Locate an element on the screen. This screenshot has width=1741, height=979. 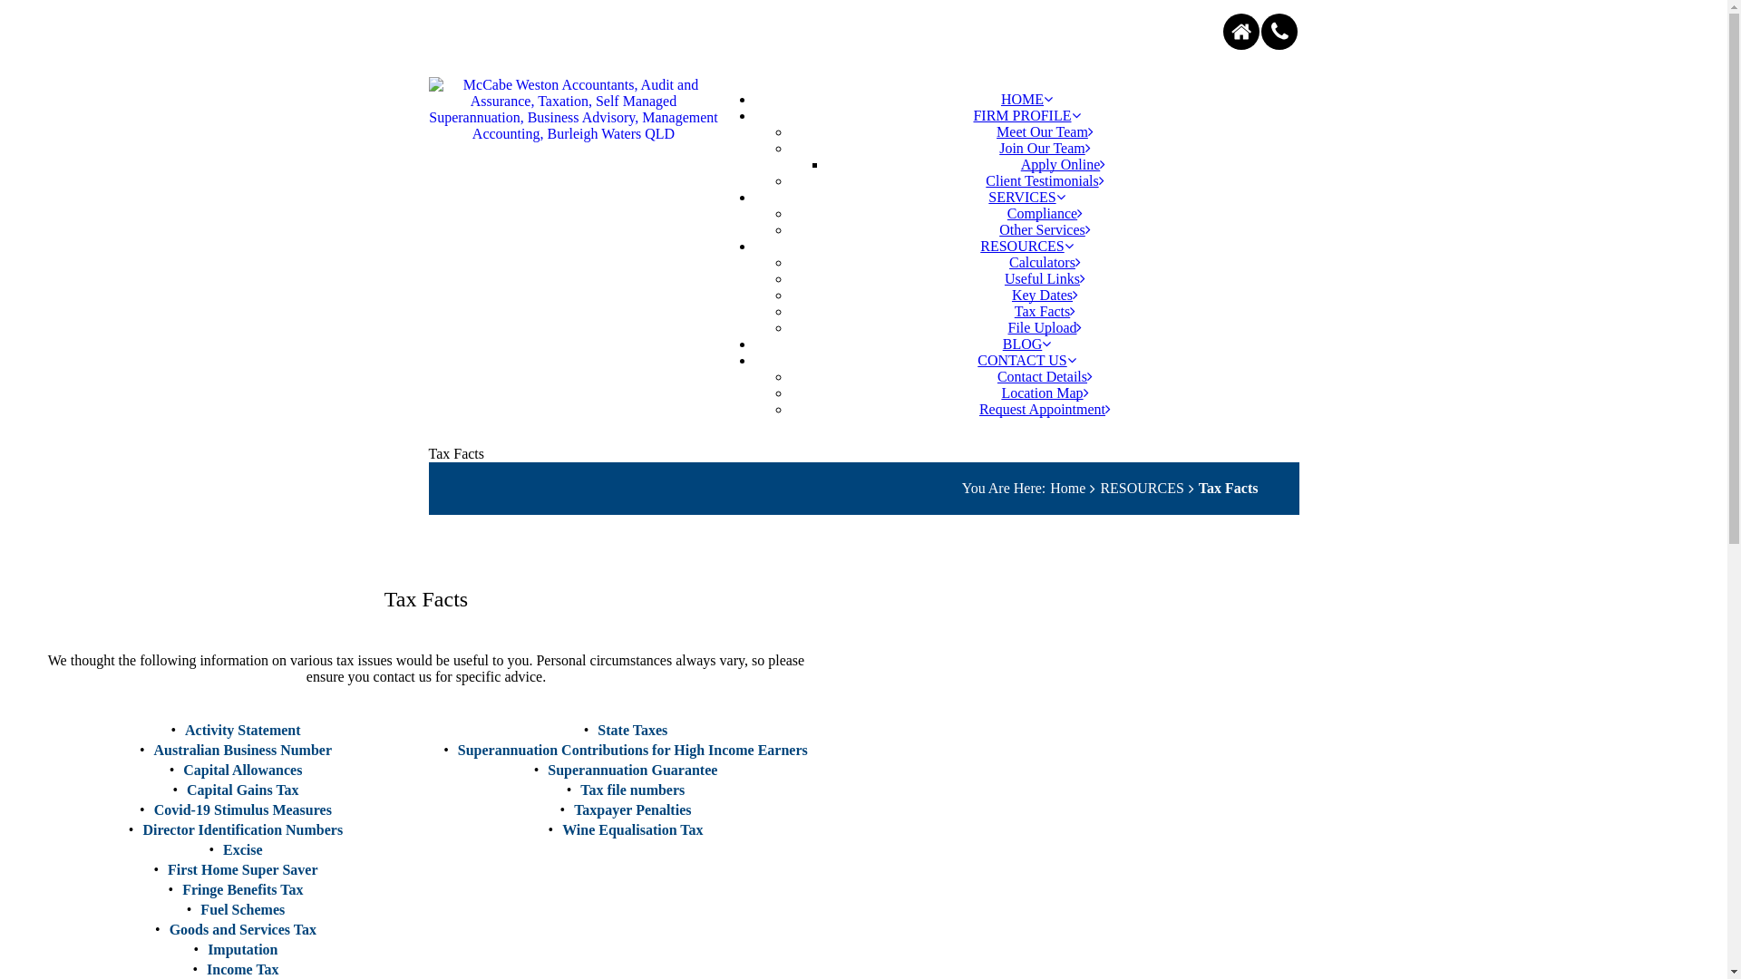
'State Taxes' is located at coordinates (632, 729).